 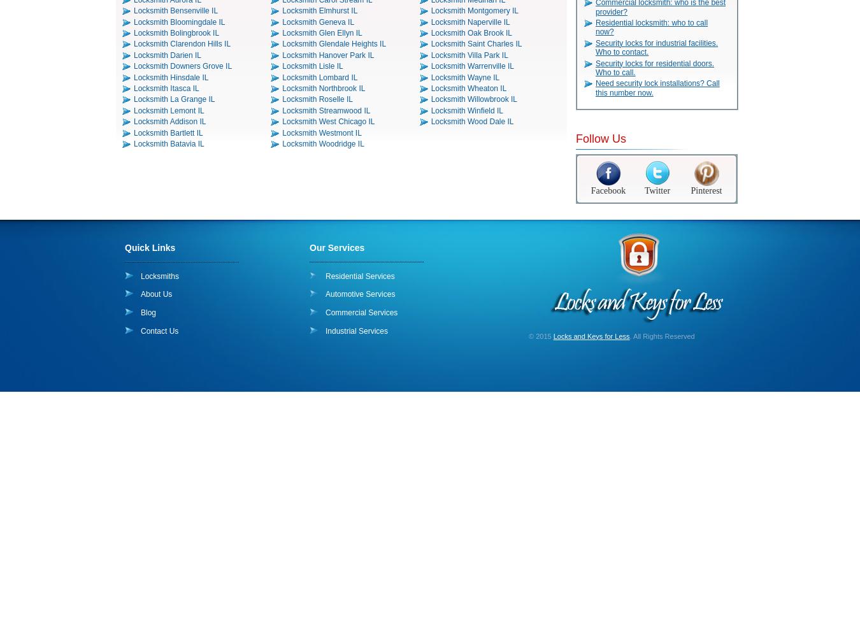 What do you see at coordinates (182, 66) in the screenshot?
I see `'Locksmith Downers Grove IL'` at bounding box center [182, 66].